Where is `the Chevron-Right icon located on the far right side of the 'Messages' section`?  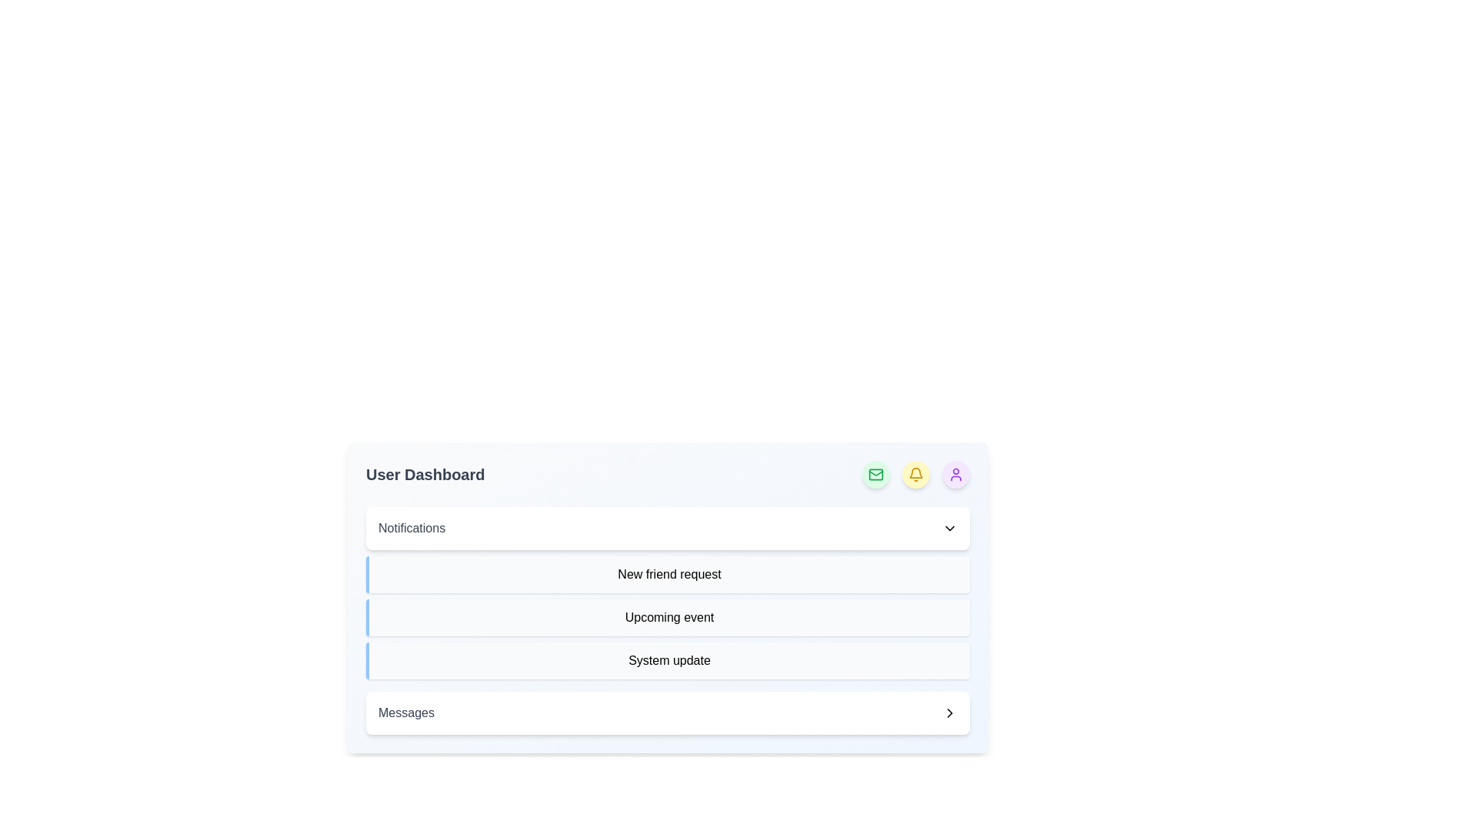 the Chevron-Right icon located on the far right side of the 'Messages' section is located at coordinates (949, 713).